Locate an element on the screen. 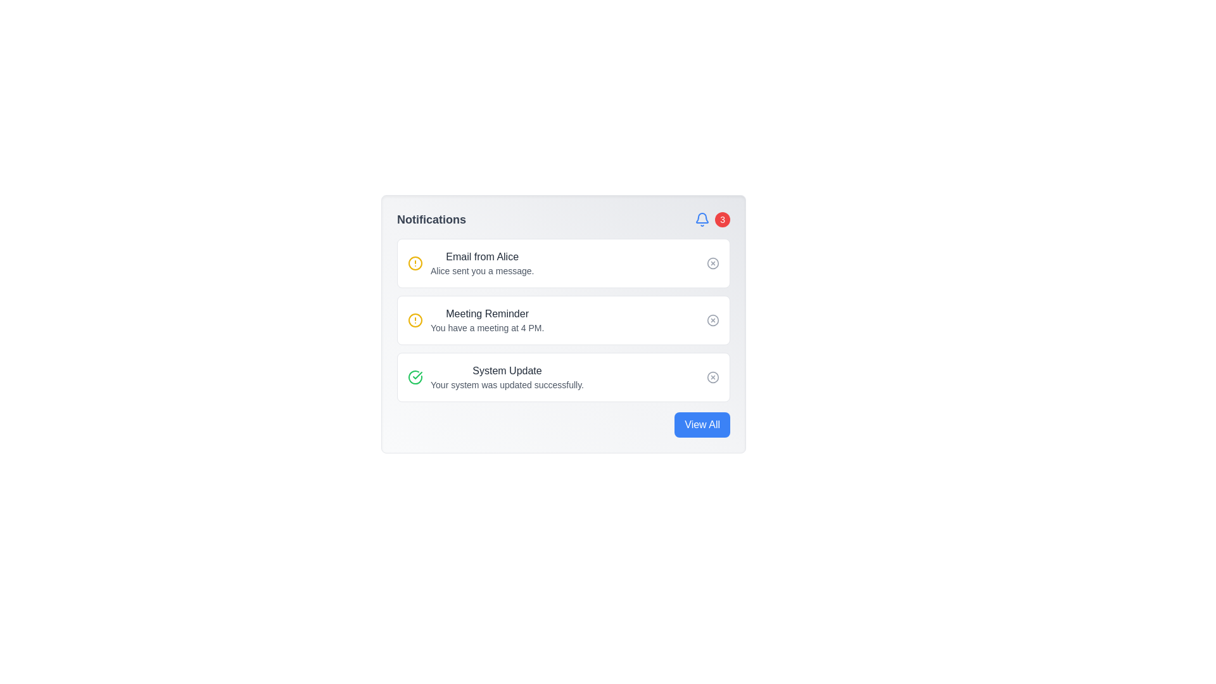 The height and width of the screenshot is (684, 1216). the bell icon representing notifications, located in the top-right corner of the notification panel, adjacent to a red notification badge displaying '3' is located at coordinates (702, 217).